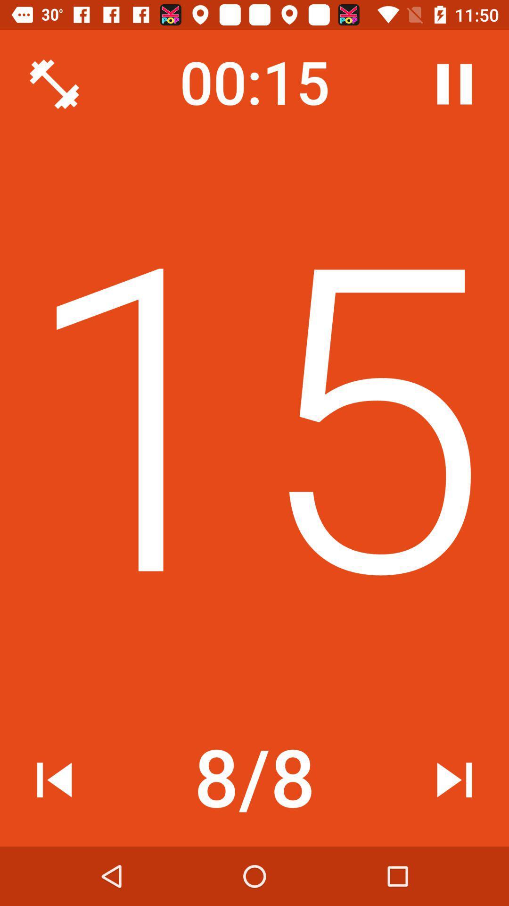 This screenshot has height=906, width=509. I want to click on icon to the left of the 8/8, so click(54, 780).